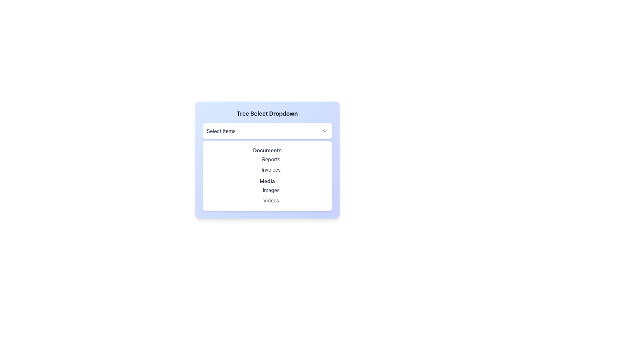 This screenshot has height=347, width=618. What do you see at coordinates (267, 159) in the screenshot?
I see `the 'Tree Select Dropdown' menu` at bounding box center [267, 159].